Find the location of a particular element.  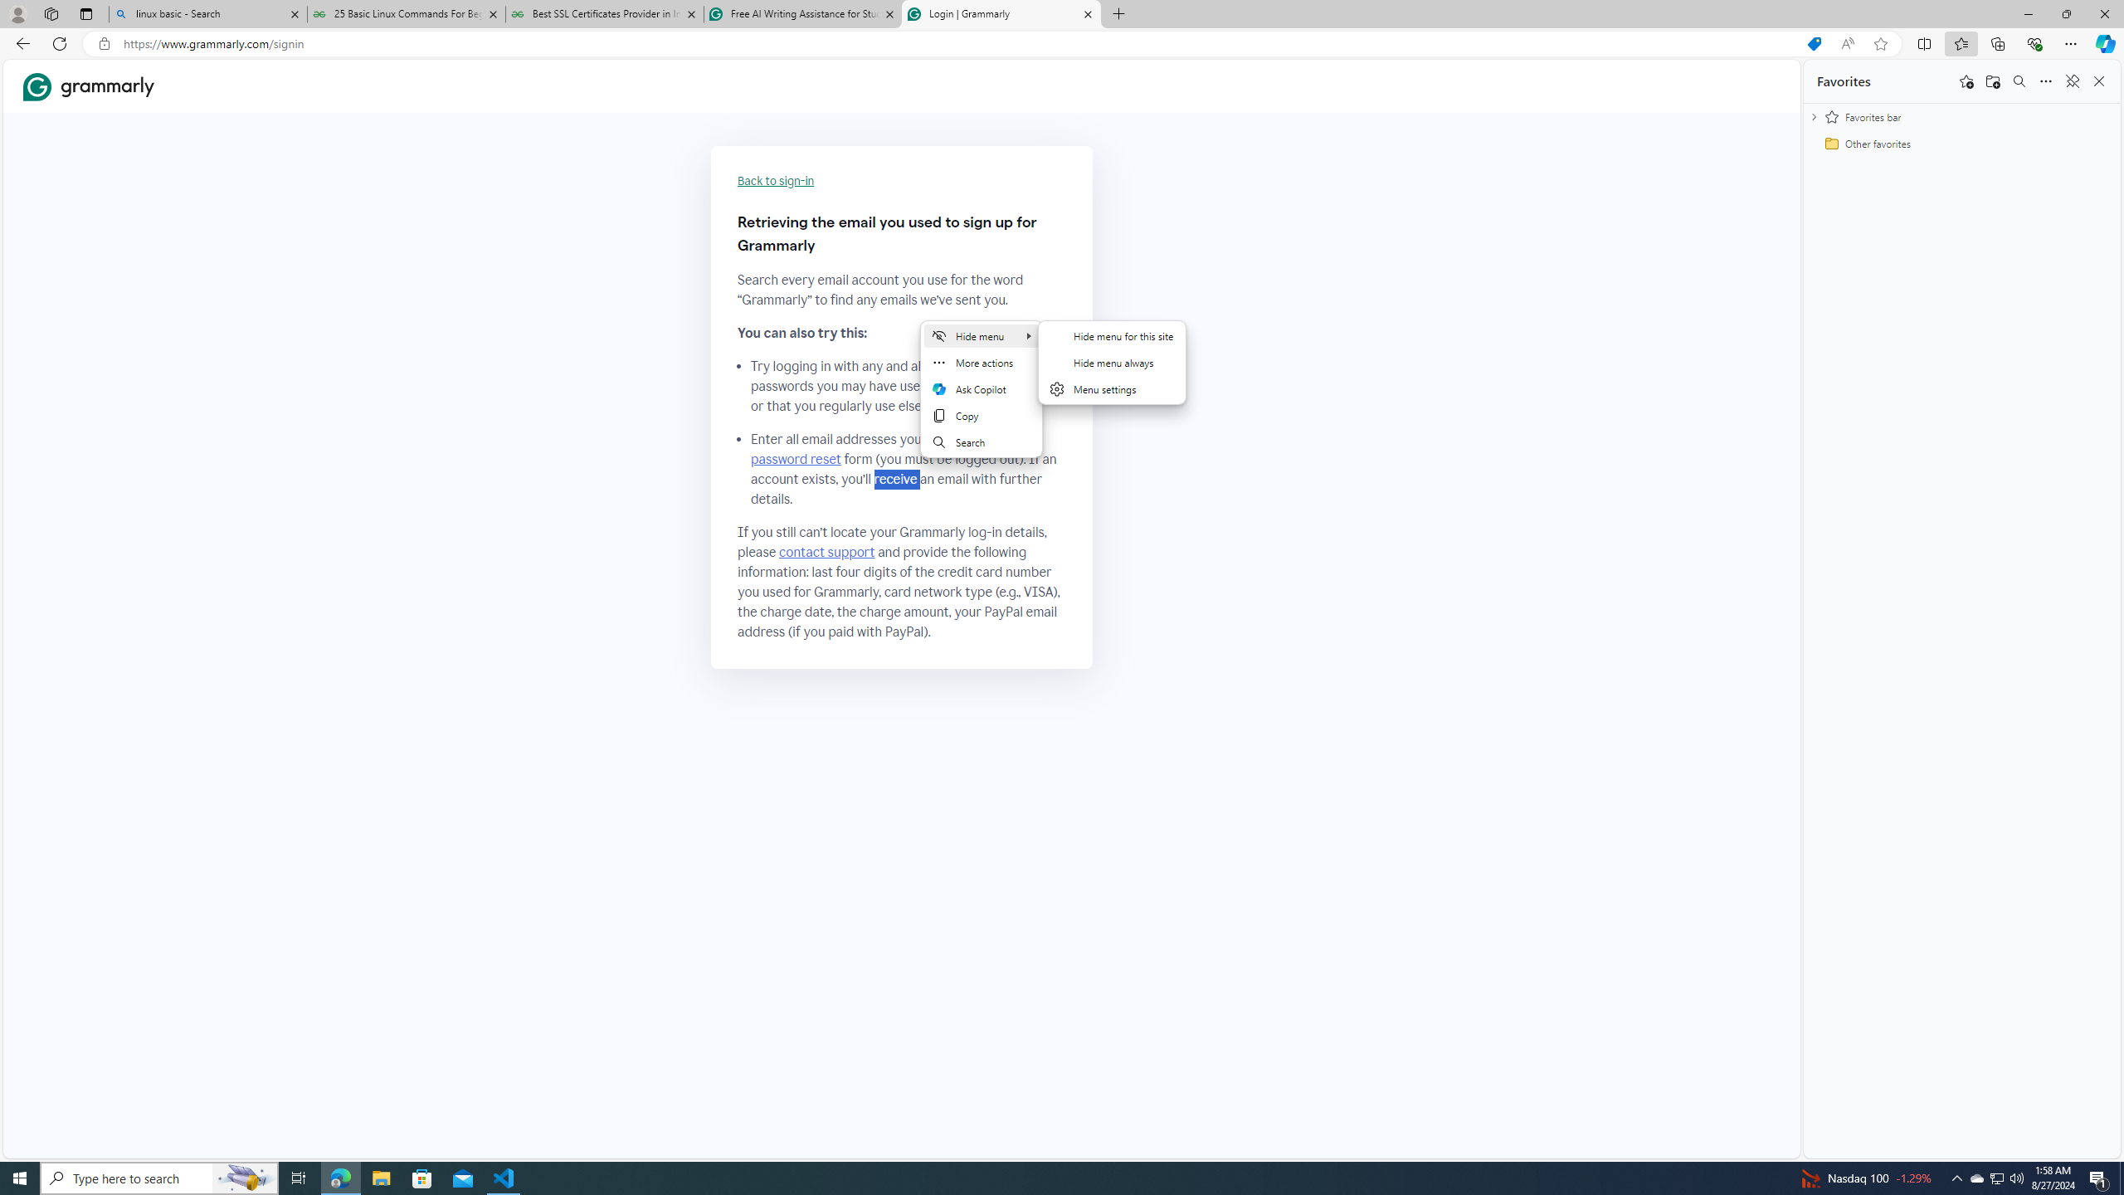

'Mini menu on text selection' is located at coordinates (981, 398).